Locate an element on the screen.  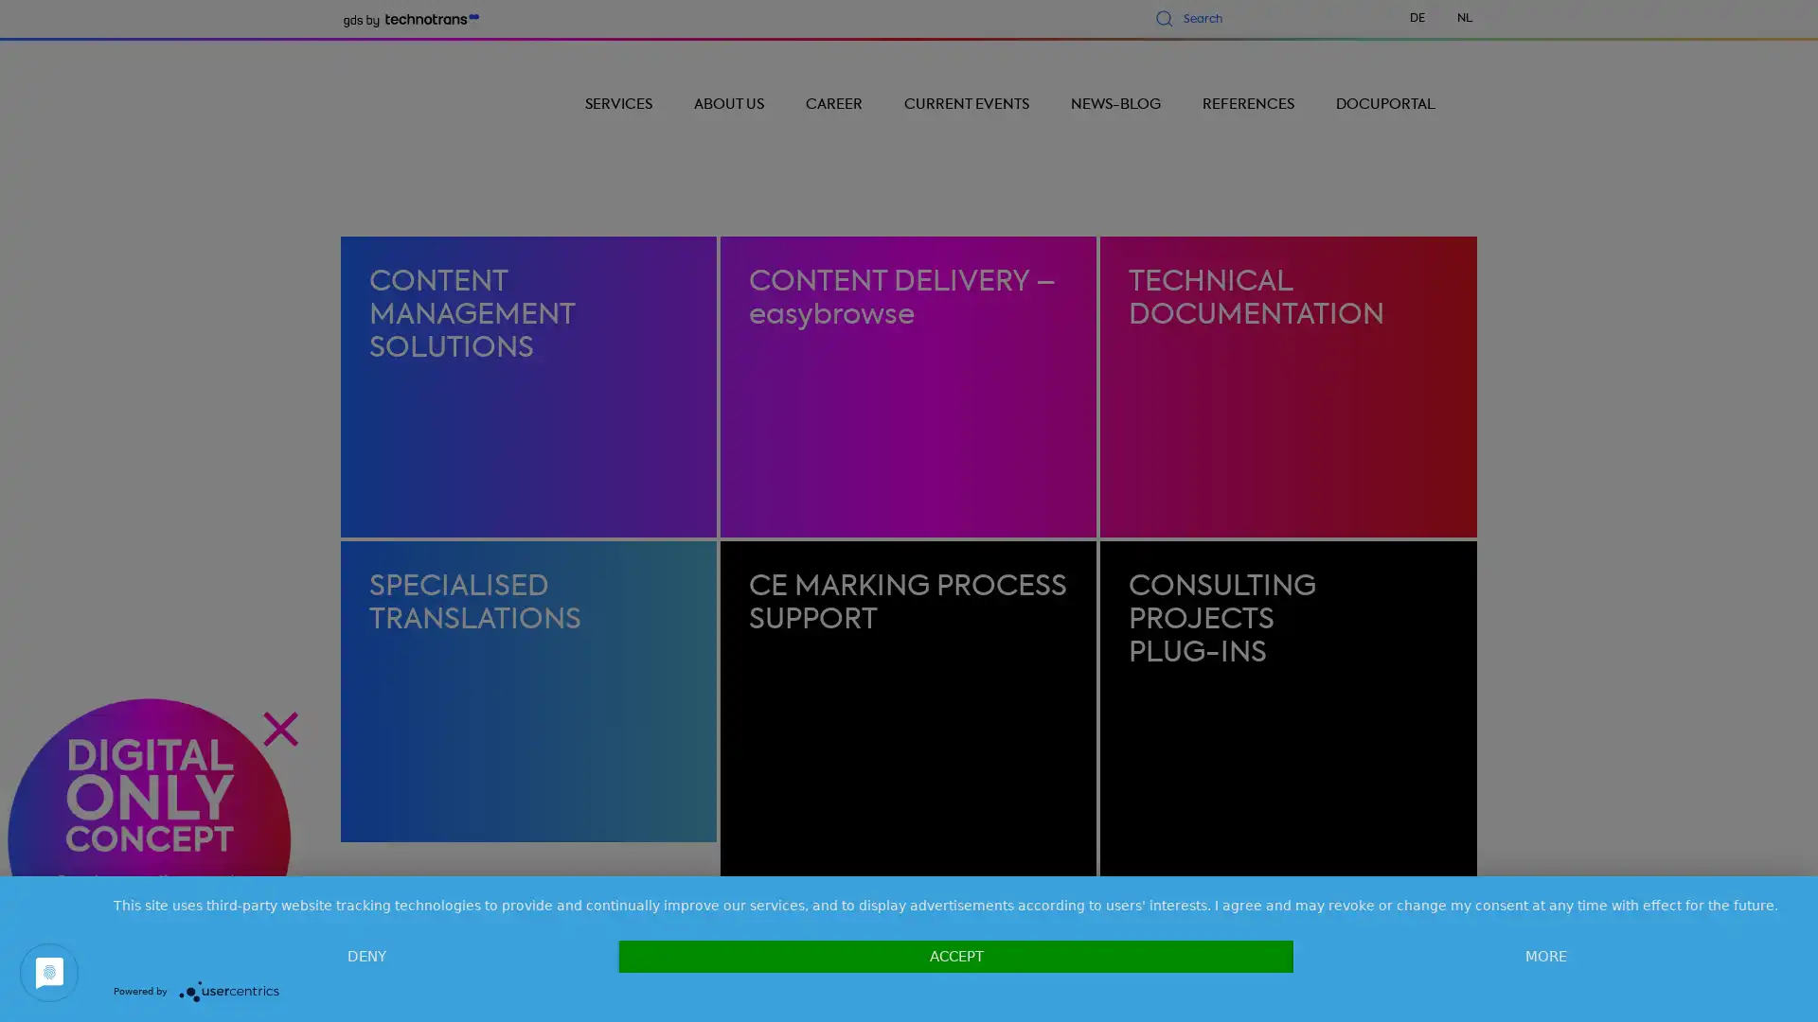
ACCEPT is located at coordinates (955, 956).